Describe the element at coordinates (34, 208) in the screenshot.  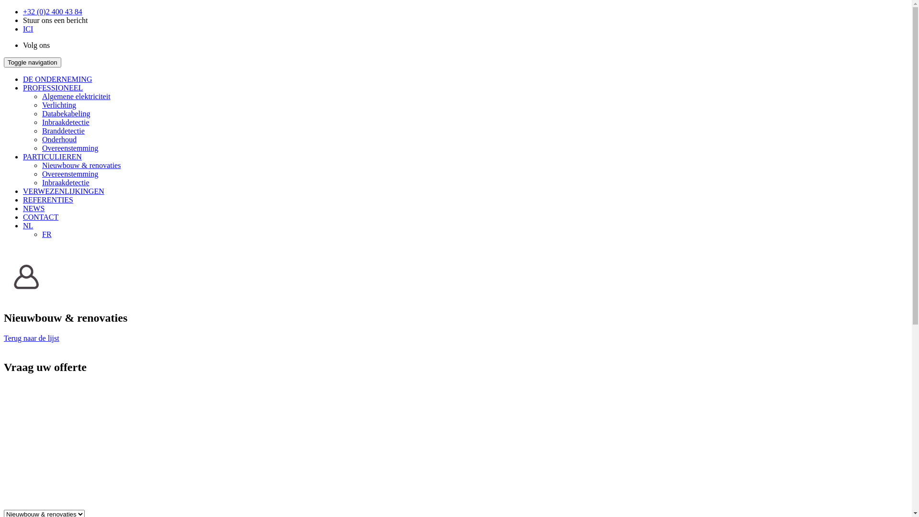
I see `'NEWS'` at that location.